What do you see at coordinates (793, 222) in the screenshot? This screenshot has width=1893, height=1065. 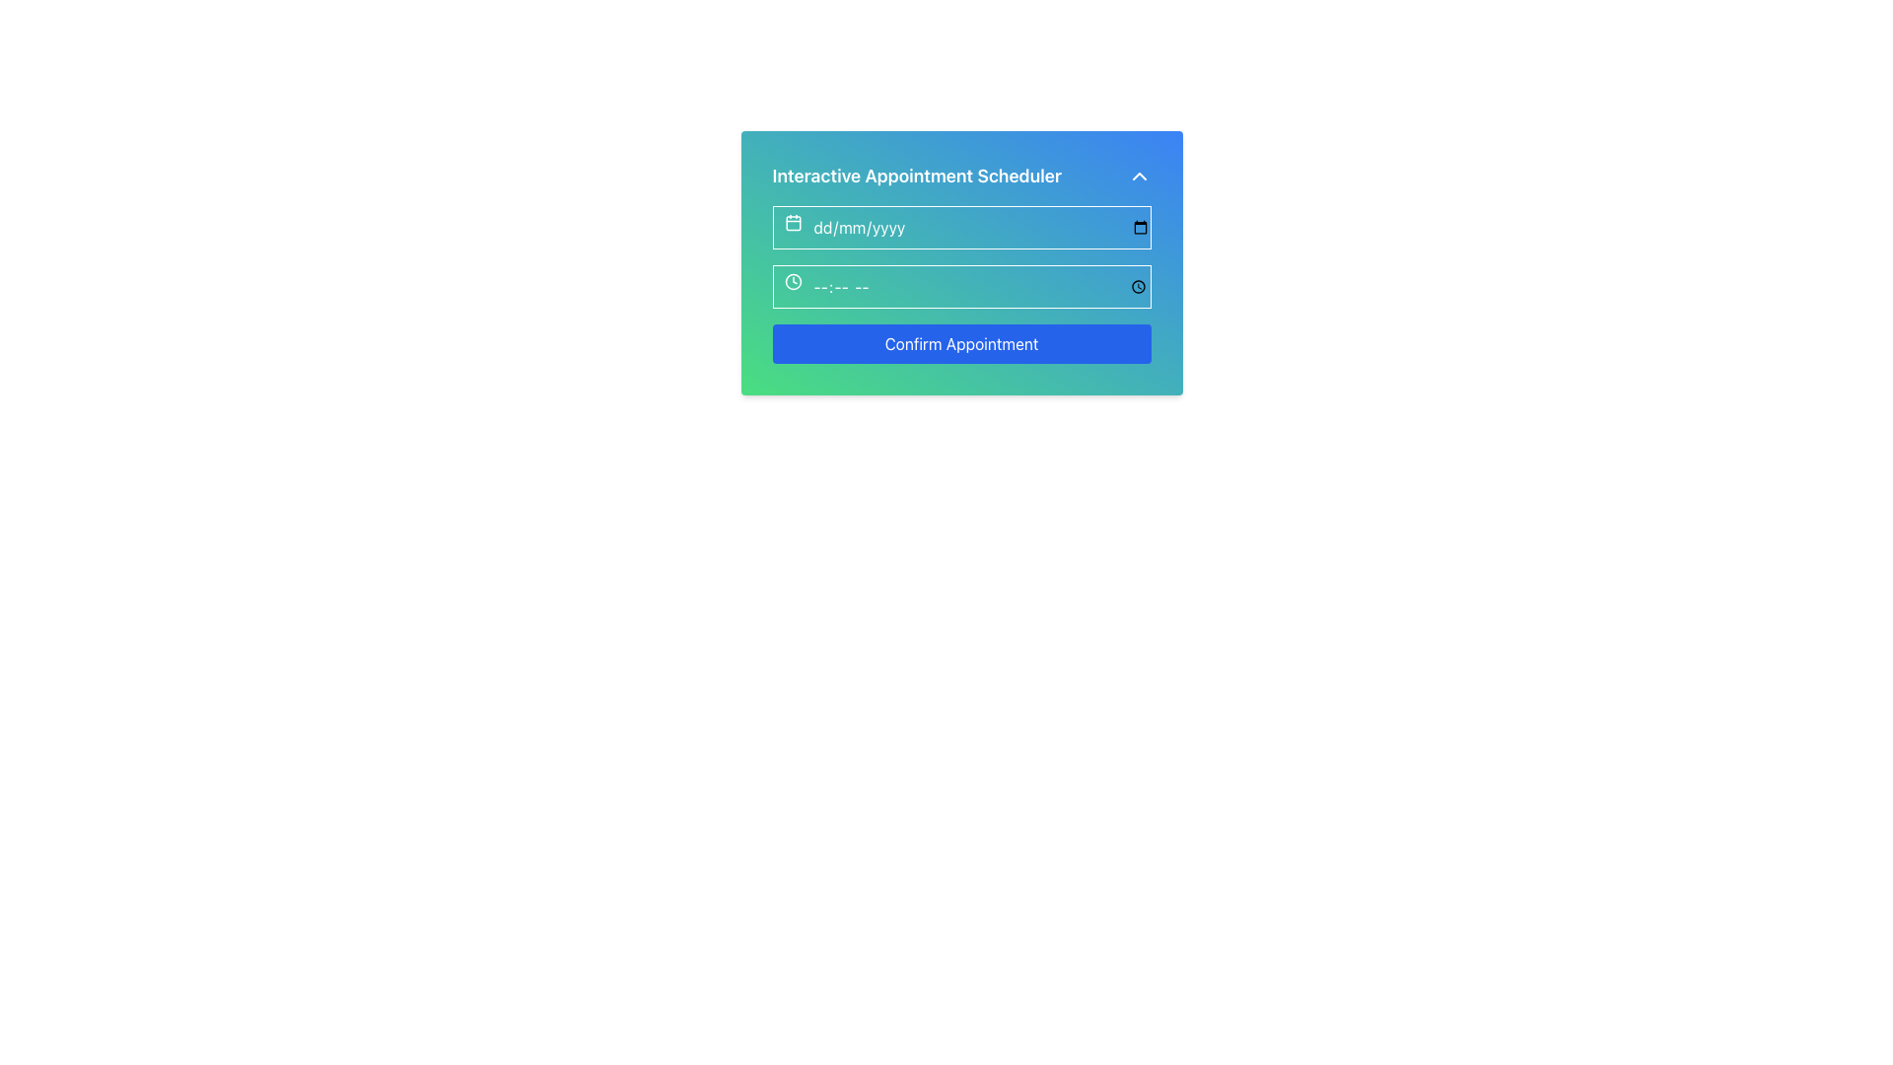 I see `the calendar icon element, which is a minimalistic white square with a header bar and vertical lines, located slightly above the centerline of the 'dd/mm/yyyy' date input field` at bounding box center [793, 222].